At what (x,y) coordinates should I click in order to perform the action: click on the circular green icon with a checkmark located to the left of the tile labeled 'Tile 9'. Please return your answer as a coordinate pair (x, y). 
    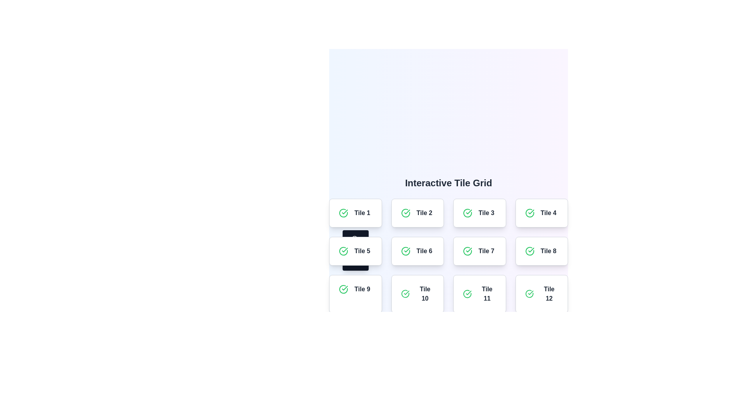
    Looking at the image, I should click on (343, 289).